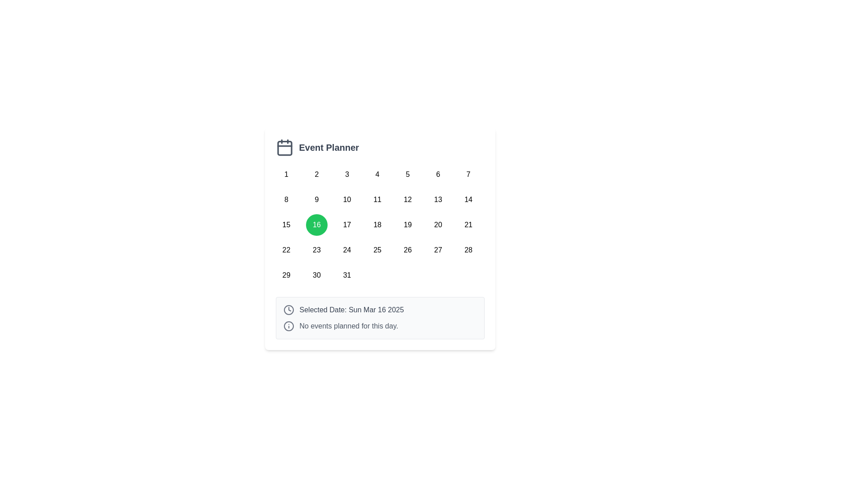 Image resolution: width=864 pixels, height=486 pixels. I want to click on the button displaying '27' in the bottom-right area of the calendar grid, which is a rounded square with a white background and black text, so click(438, 250).